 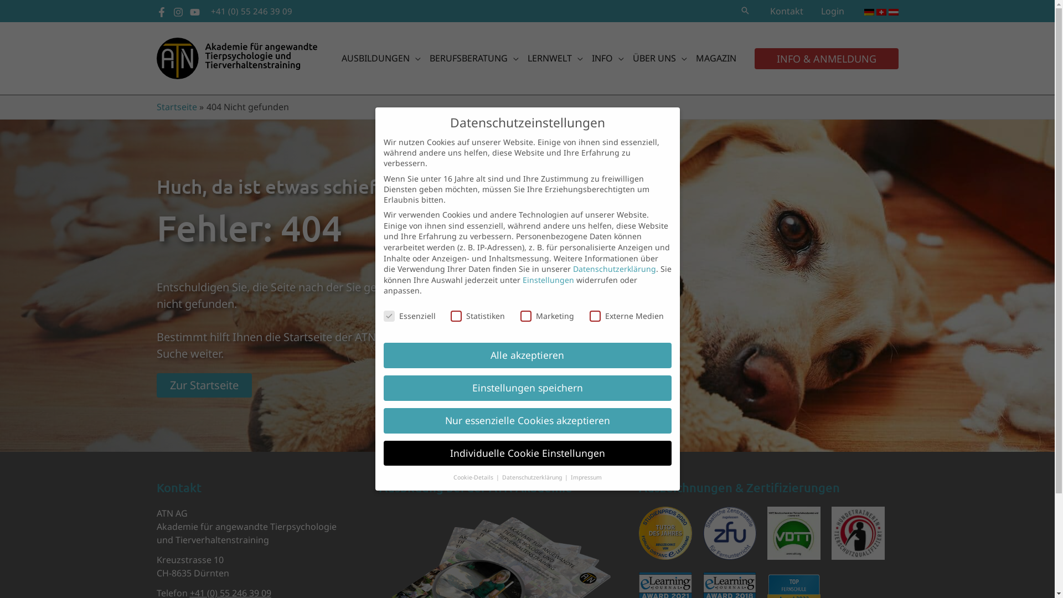 What do you see at coordinates (585, 476) in the screenshot?
I see `'Impressum'` at bounding box center [585, 476].